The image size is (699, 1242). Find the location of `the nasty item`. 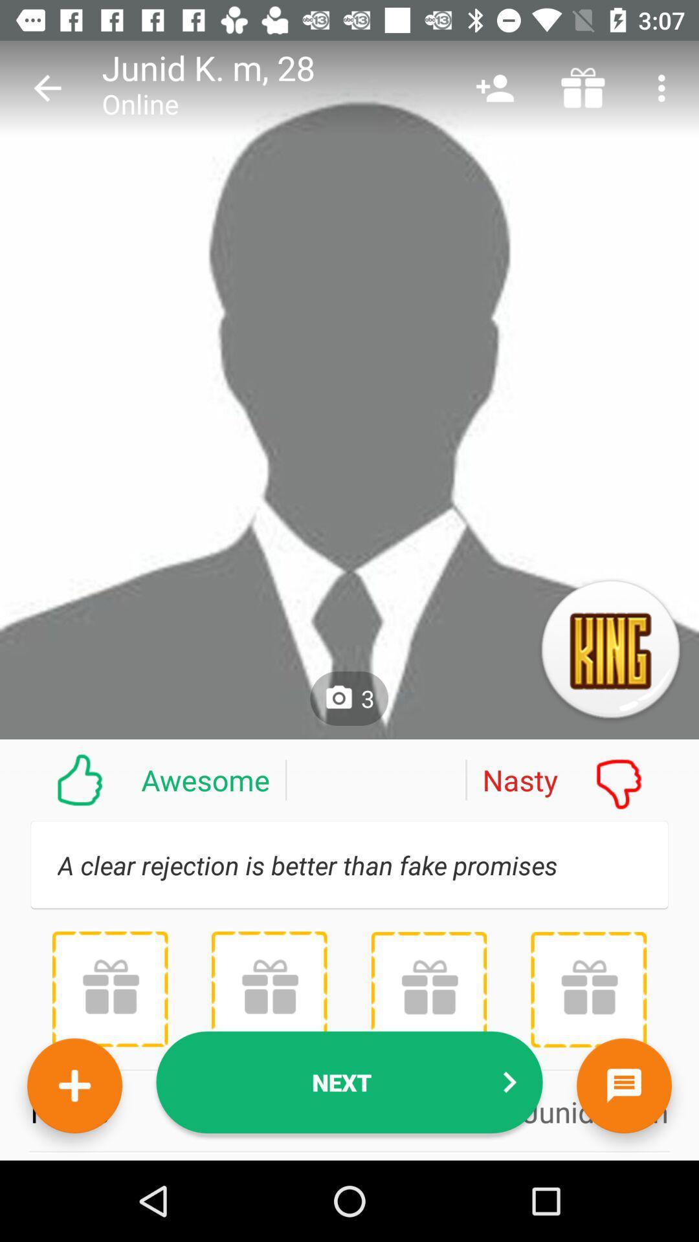

the nasty item is located at coordinates (581, 779).